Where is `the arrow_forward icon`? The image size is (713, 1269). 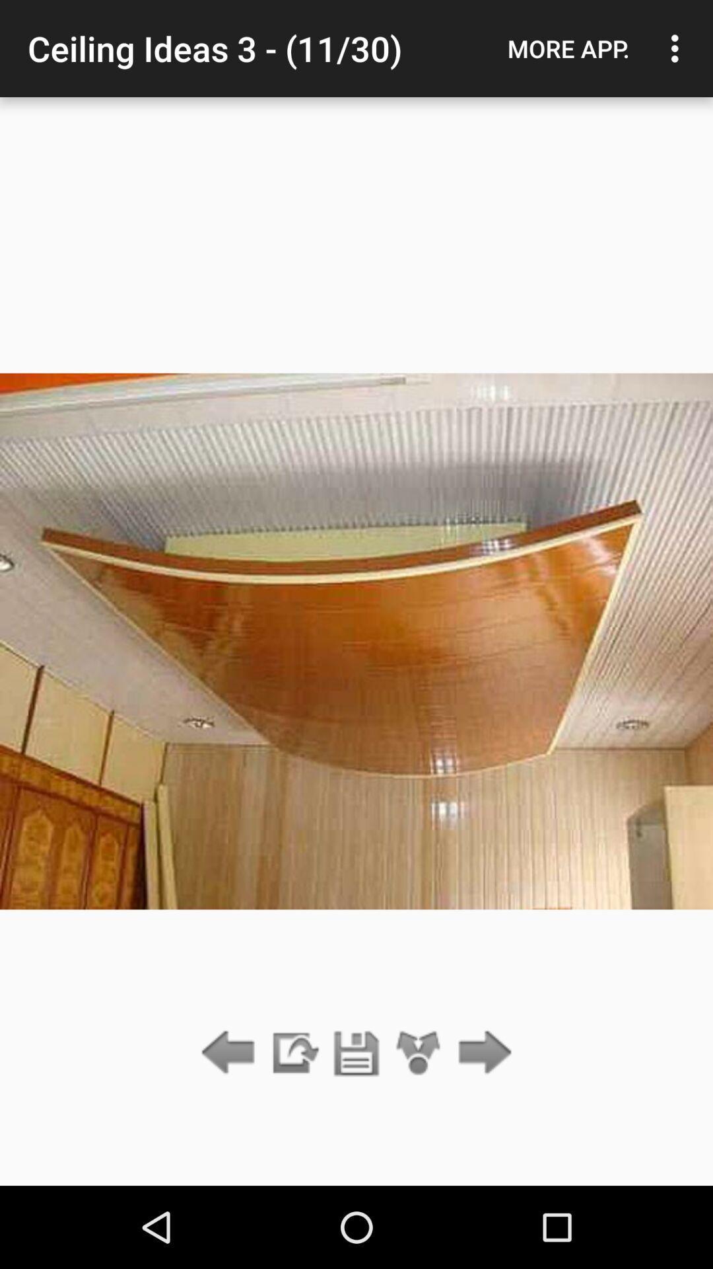 the arrow_forward icon is located at coordinates (481, 1053).